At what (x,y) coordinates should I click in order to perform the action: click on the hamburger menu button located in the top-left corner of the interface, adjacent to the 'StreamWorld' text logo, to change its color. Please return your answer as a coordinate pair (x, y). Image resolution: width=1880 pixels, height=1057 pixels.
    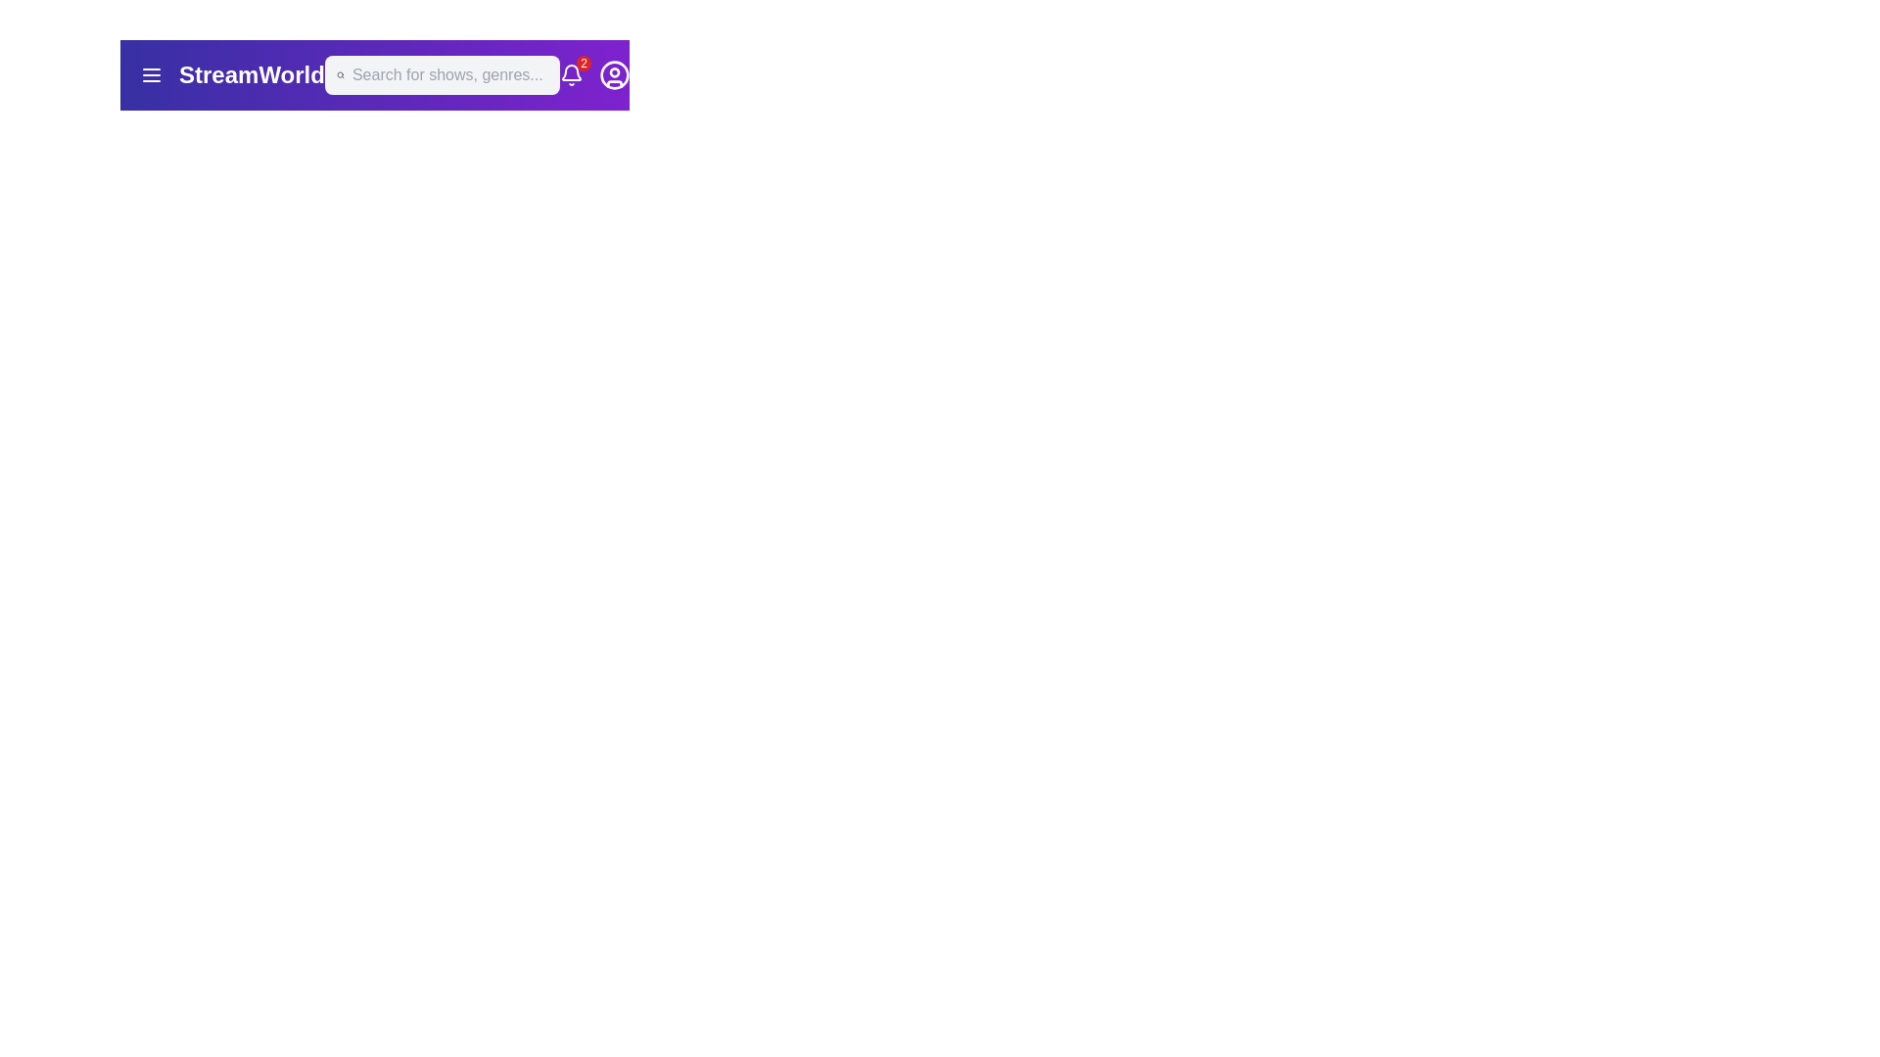
    Looking at the image, I should click on (150, 74).